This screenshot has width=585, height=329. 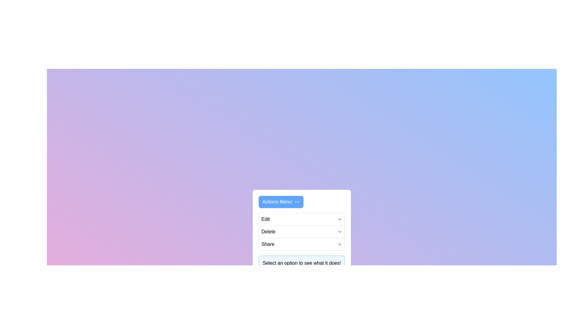 I want to click on the menu item Share to perform its action, so click(x=268, y=244).